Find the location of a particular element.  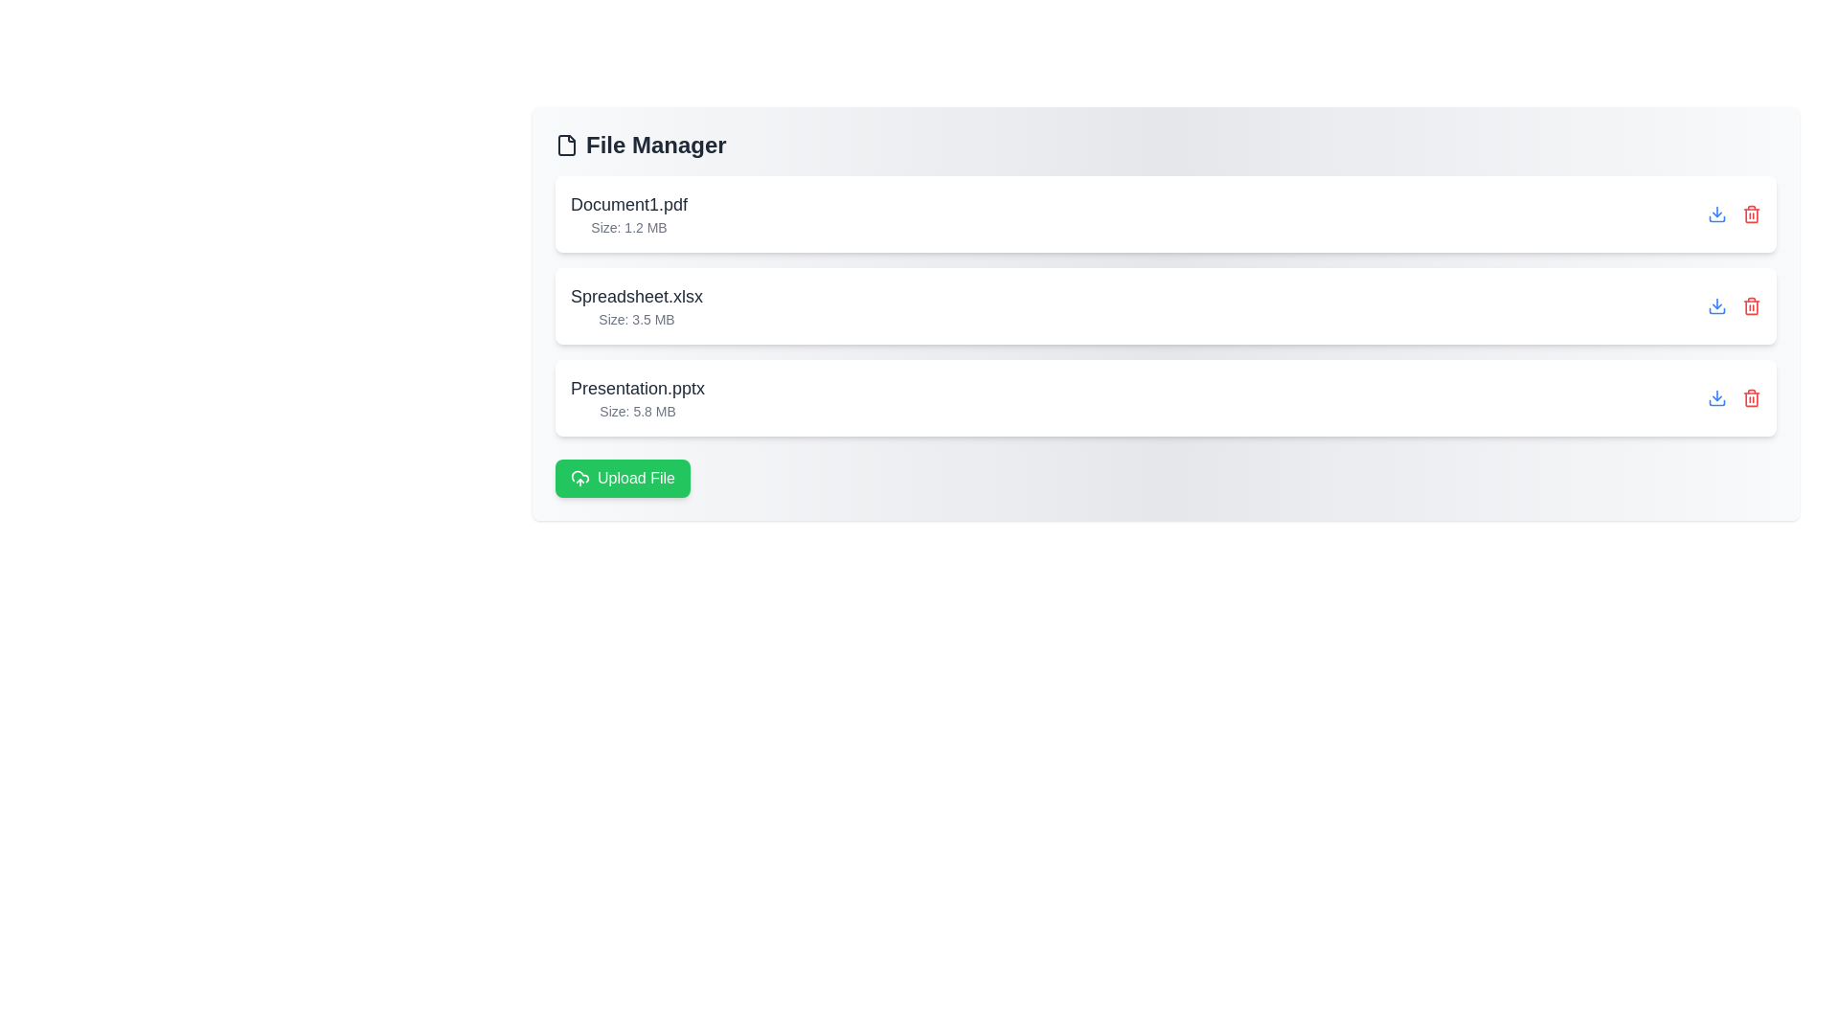

delete button for the file named Spreadsheet.xlsx is located at coordinates (1751, 305).